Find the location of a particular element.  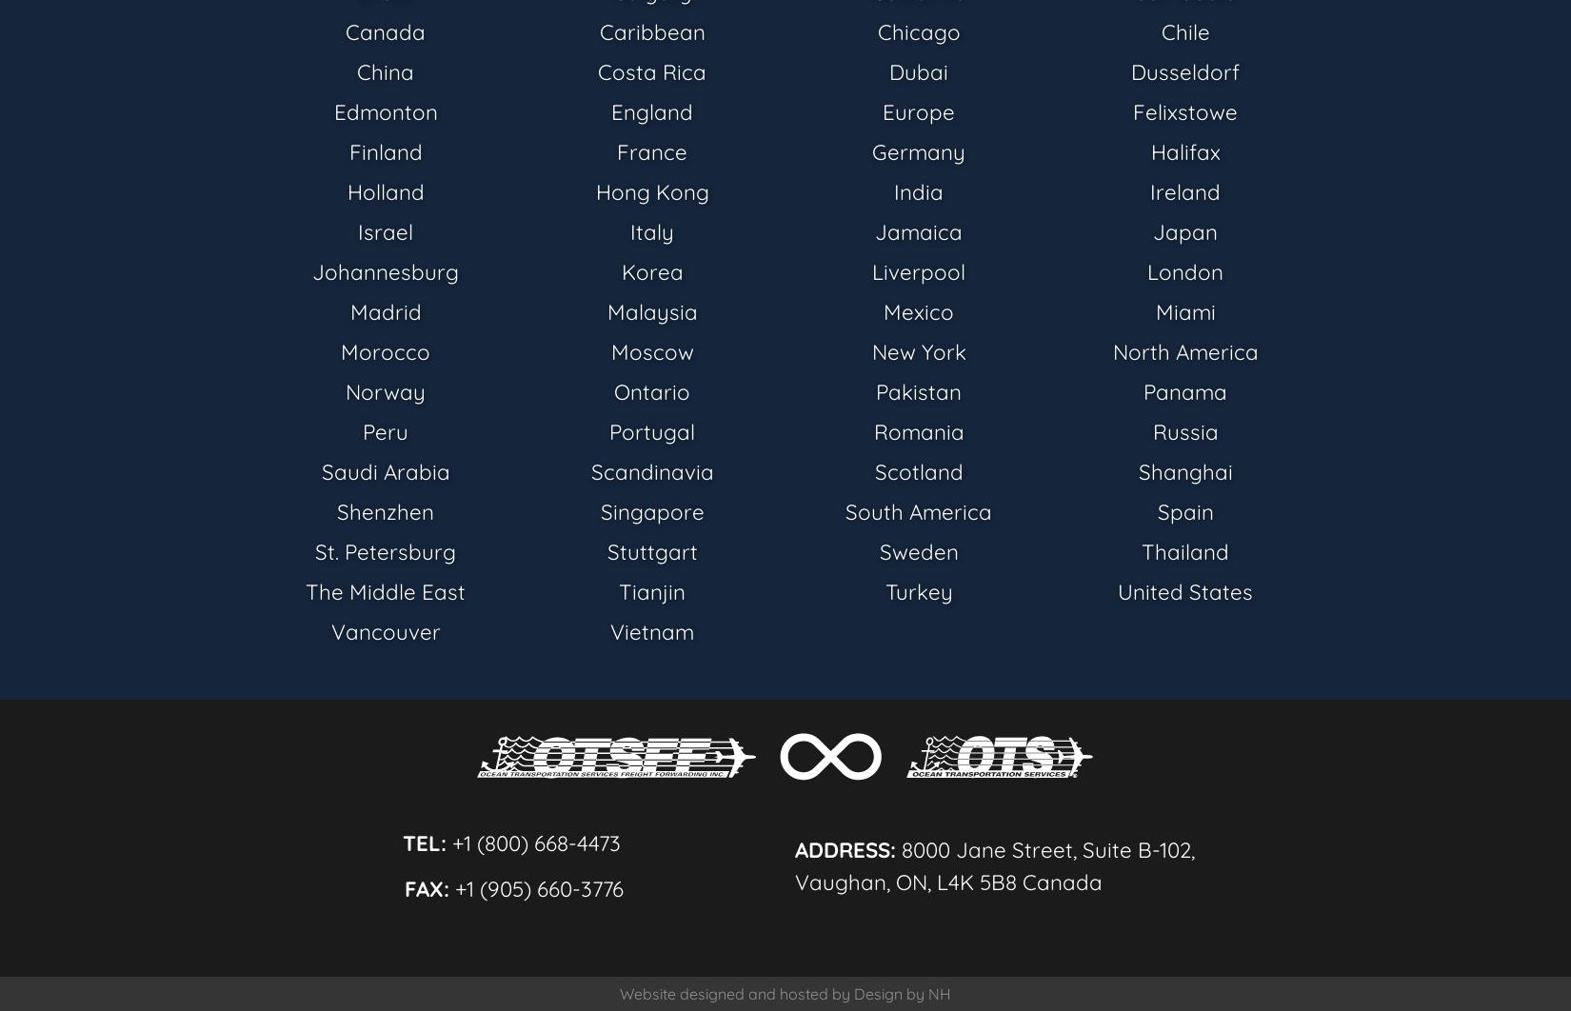

'ADDRESS:' is located at coordinates (795, 849).